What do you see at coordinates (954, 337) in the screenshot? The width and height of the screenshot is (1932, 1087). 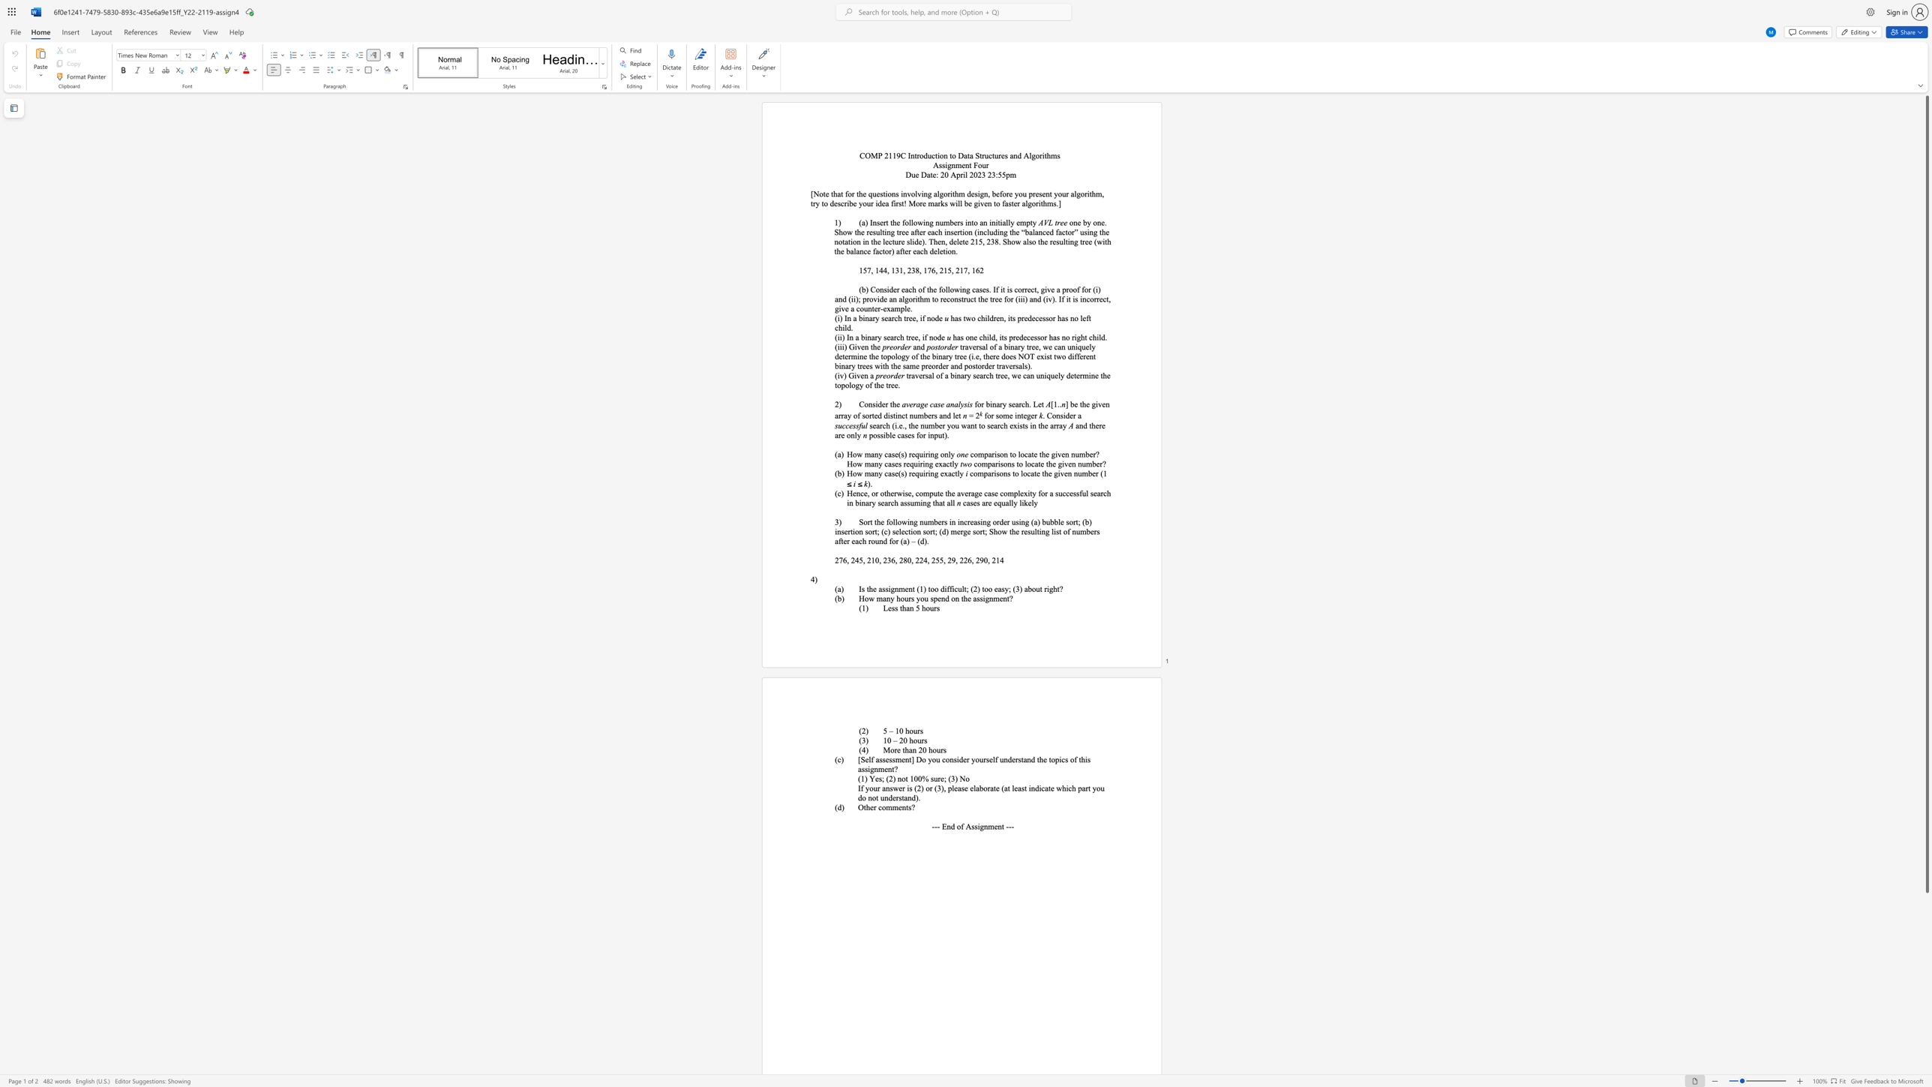 I see `the 1th character "h" in the text` at bounding box center [954, 337].